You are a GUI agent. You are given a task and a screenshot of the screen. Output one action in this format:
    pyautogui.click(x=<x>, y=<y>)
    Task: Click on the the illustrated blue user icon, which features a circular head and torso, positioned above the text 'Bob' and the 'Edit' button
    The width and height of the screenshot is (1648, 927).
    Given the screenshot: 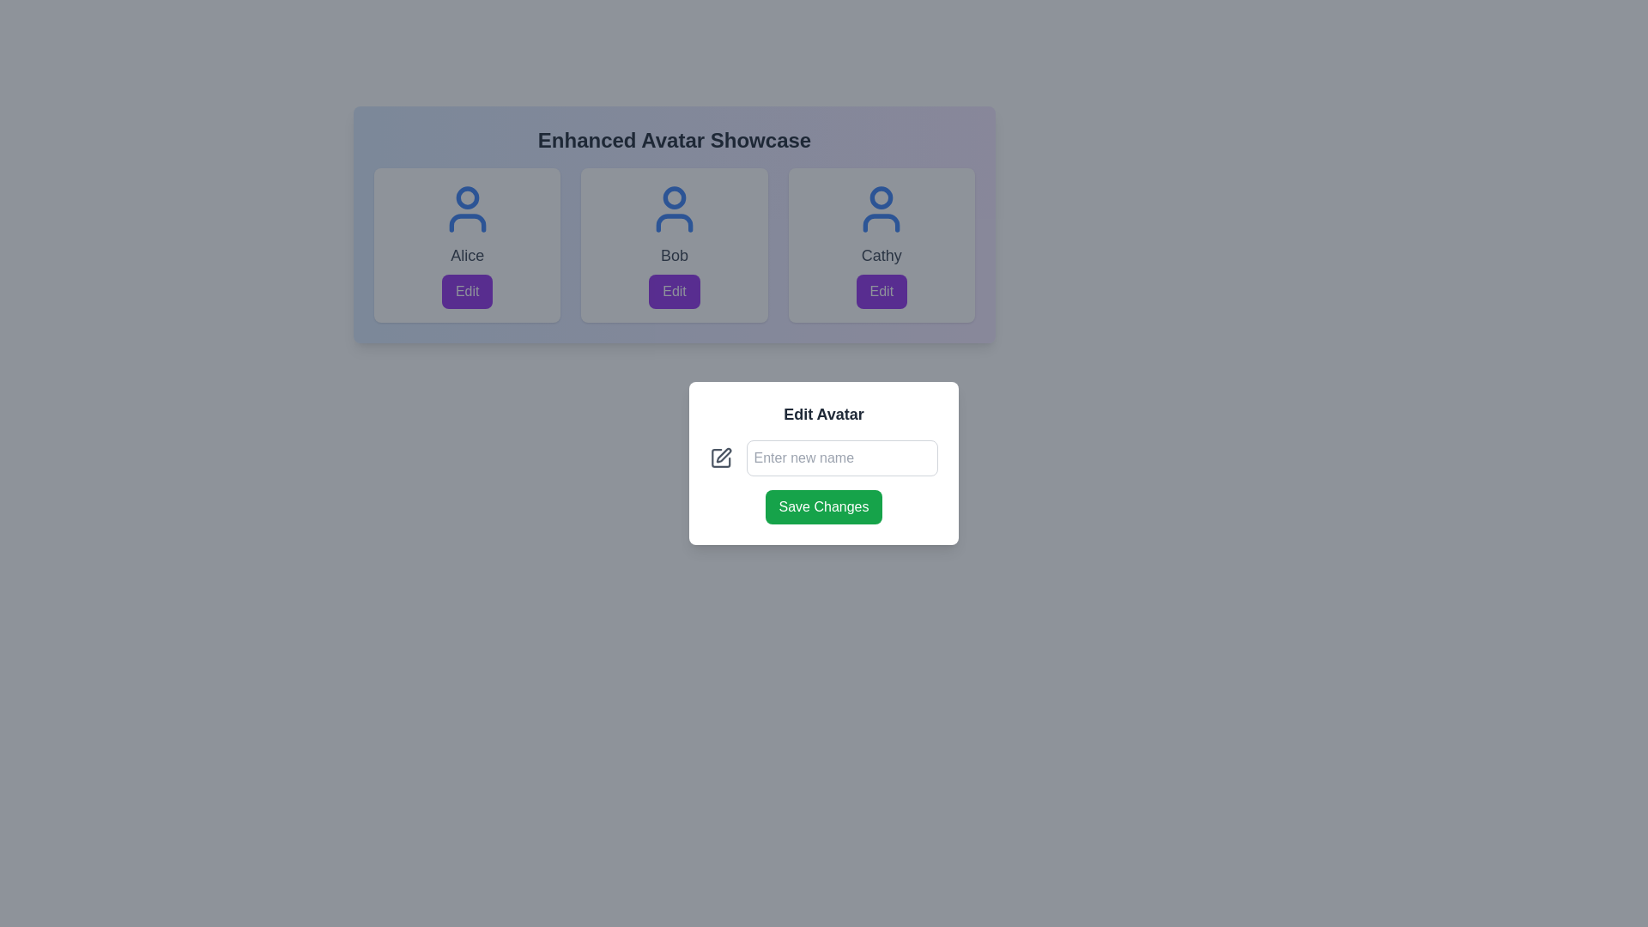 What is the action you would take?
    pyautogui.click(x=674, y=208)
    